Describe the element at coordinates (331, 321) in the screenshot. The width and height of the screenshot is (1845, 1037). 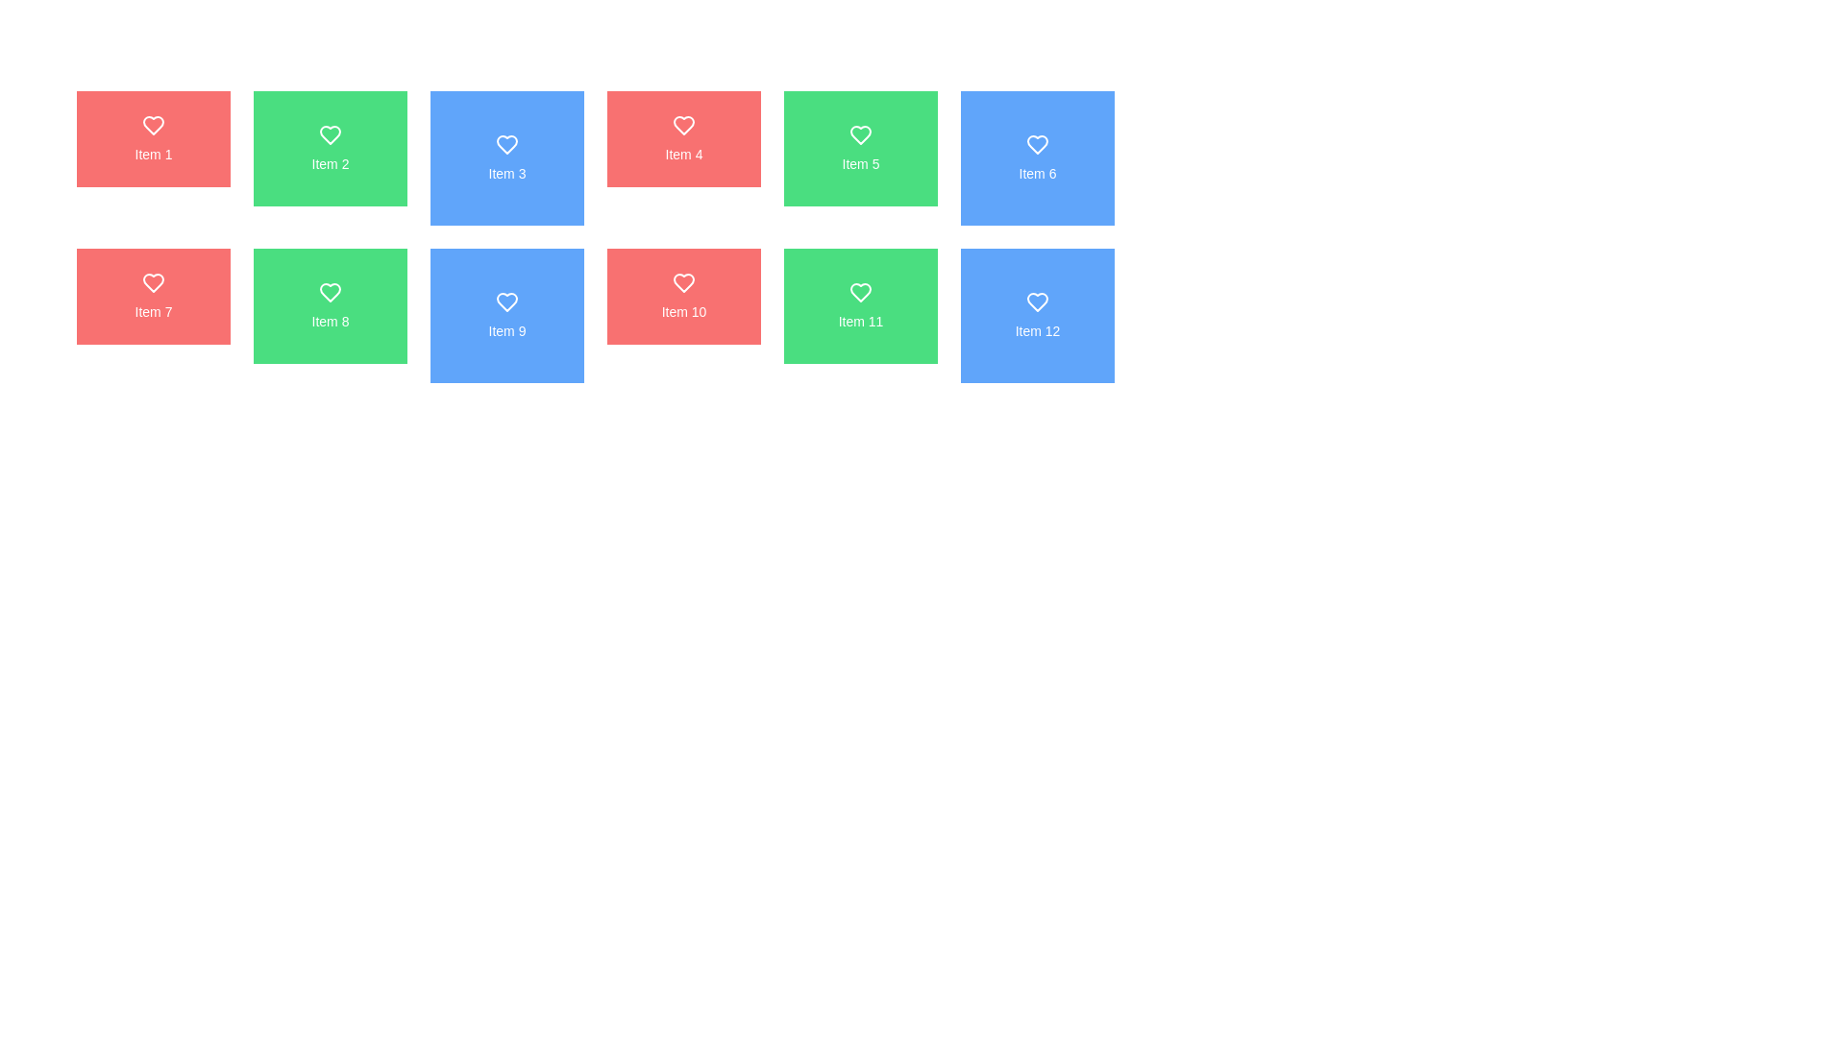
I see `the Text label located at the bottom of the green rectangular box labeled 'Item 8' in the second row, second column of the grid layout` at that location.